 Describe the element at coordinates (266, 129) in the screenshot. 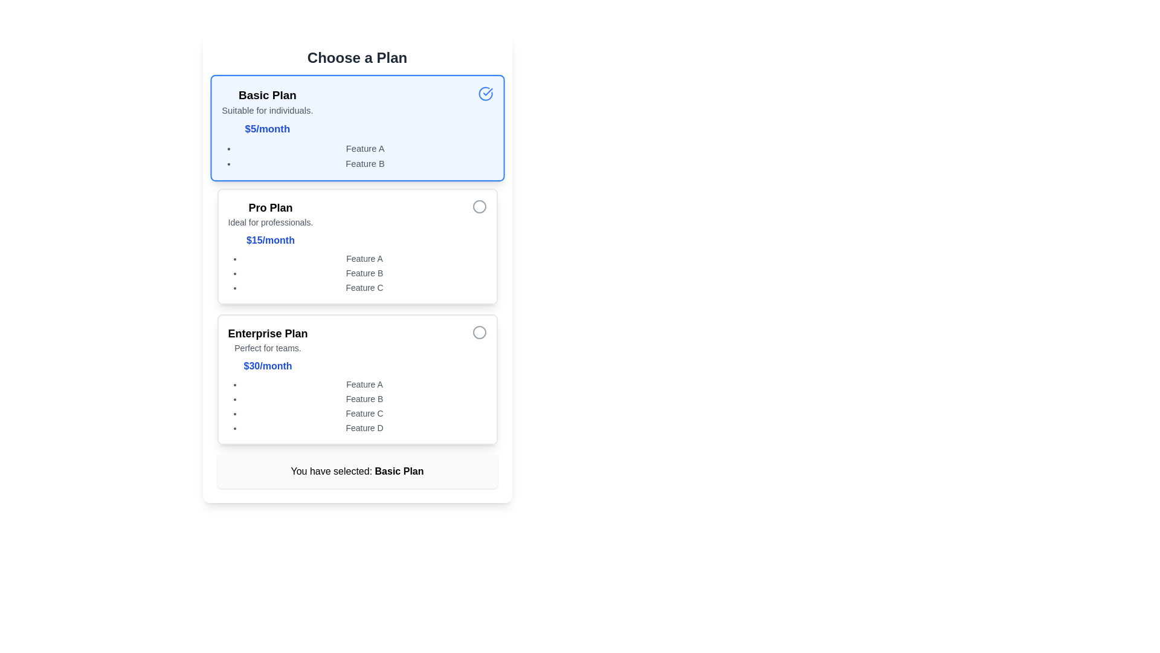

I see `the Text label indicating the monthly cost of the 'Basic Plan' subscription, which is located below 'Suitable for individuals.' and above the feature list bullets` at that location.